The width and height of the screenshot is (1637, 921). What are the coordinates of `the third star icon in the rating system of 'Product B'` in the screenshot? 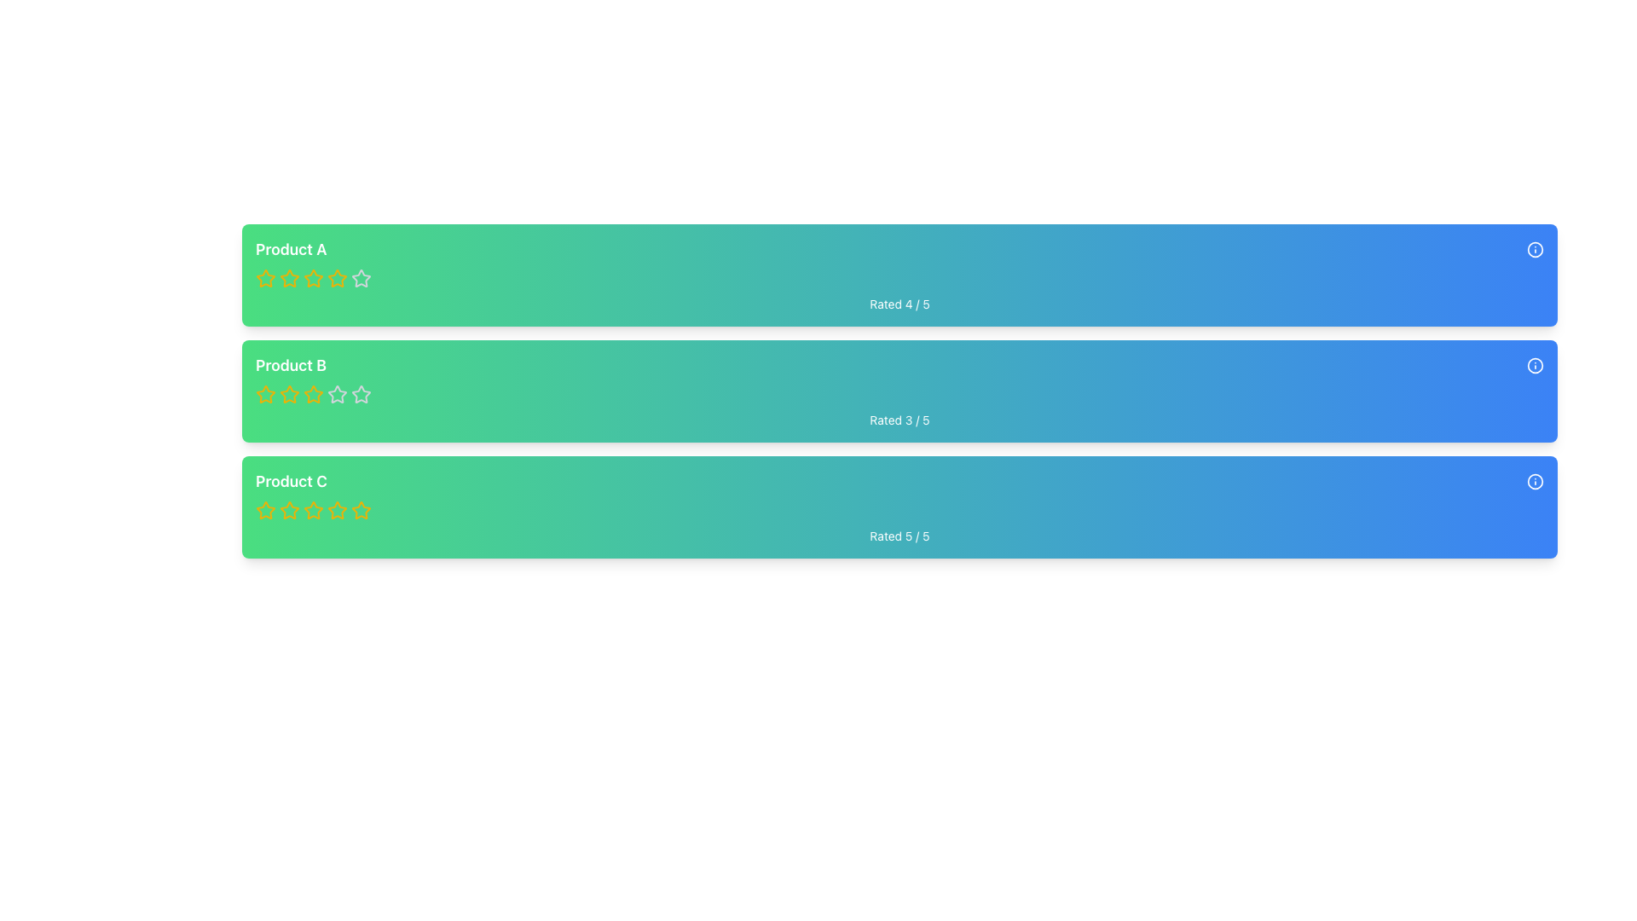 It's located at (337, 394).